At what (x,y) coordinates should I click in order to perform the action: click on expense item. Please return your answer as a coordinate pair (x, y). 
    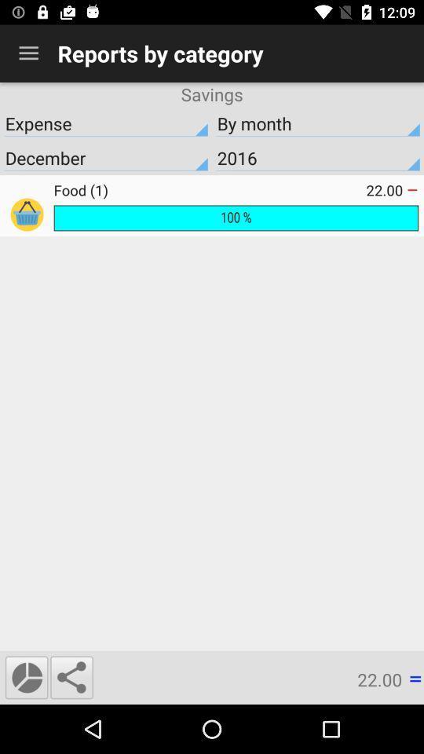
    Looking at the image, I should click on (106, 123).